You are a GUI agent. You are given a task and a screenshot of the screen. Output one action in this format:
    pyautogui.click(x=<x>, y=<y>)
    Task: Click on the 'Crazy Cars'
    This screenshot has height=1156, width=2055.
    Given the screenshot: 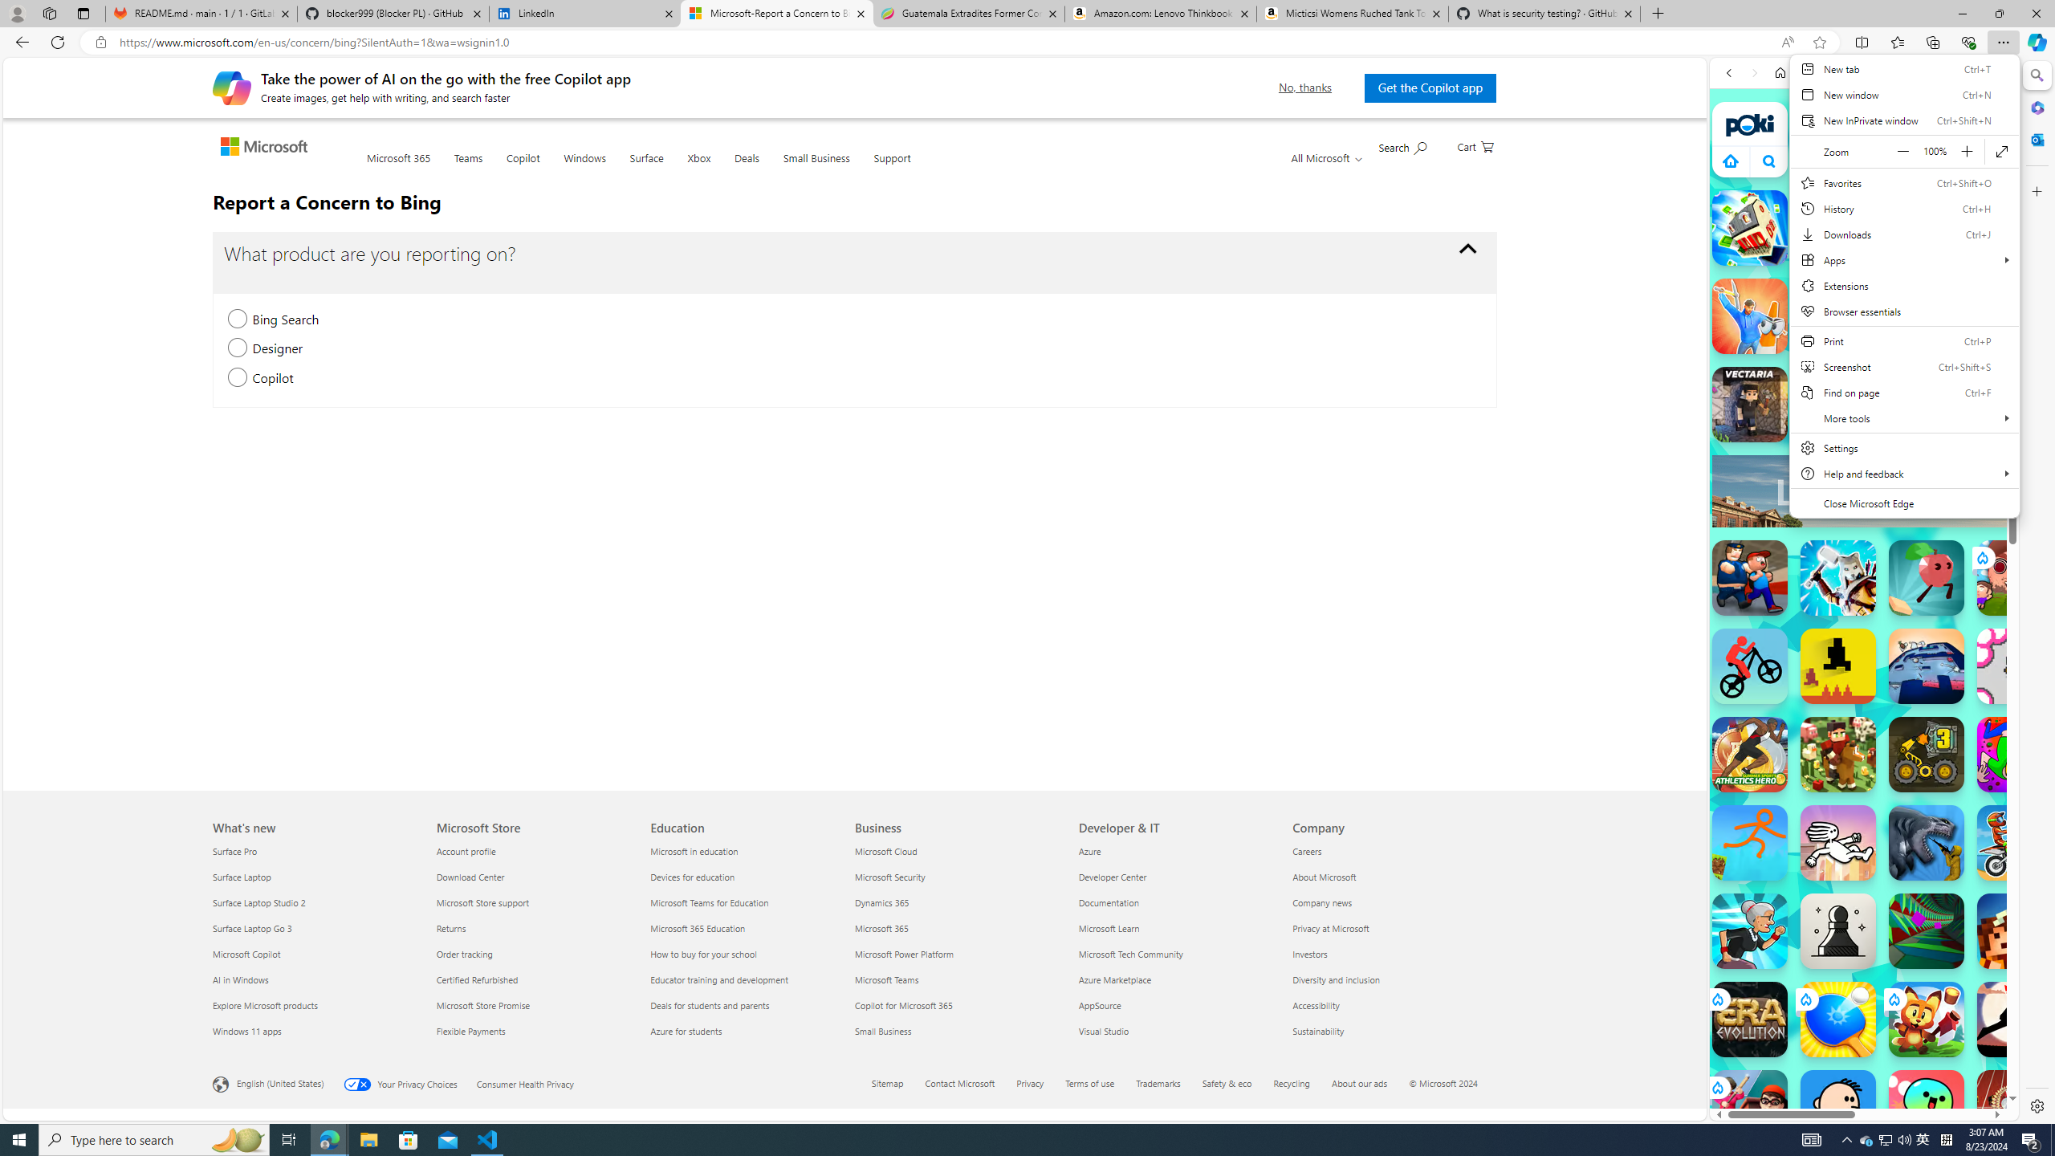 What is the action you would take?
    pyautogui.click(x=2004, y=811)
    